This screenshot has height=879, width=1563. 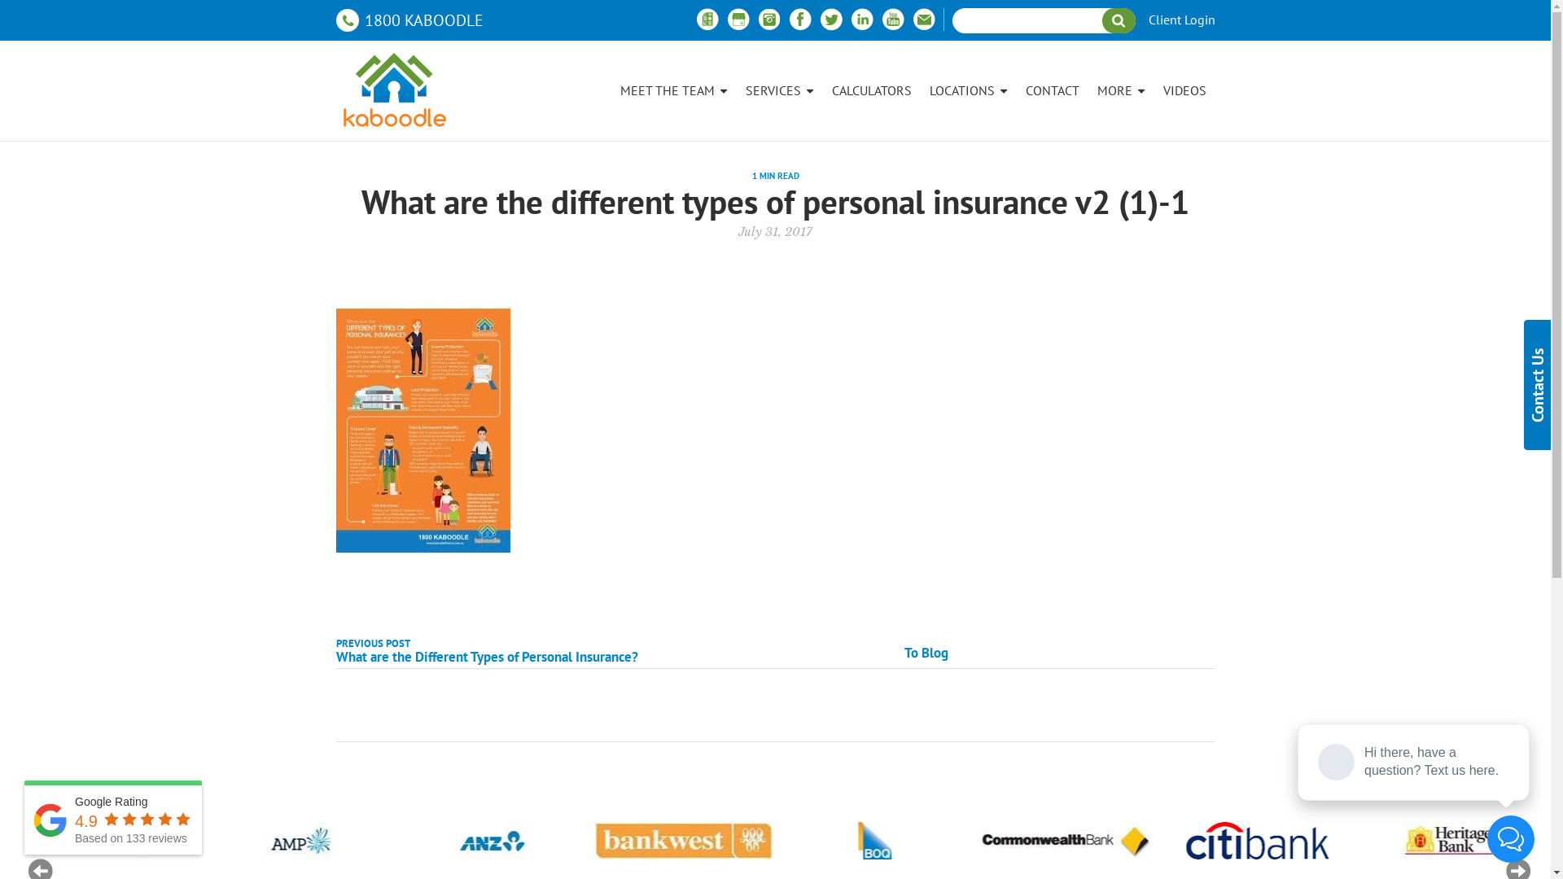 I want to click on 'Logo 07', so click(x=965, y=841).